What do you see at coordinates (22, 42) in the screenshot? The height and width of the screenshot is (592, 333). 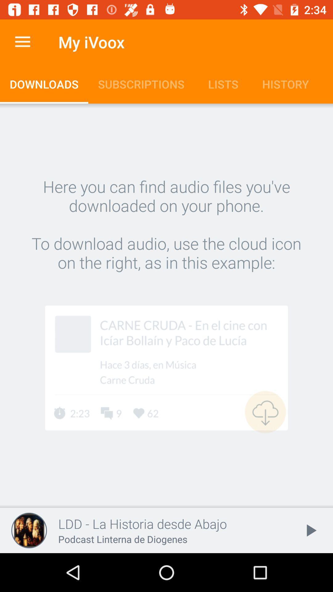 I see `item to the left of my ivoox` at bounding box center [22, 42].